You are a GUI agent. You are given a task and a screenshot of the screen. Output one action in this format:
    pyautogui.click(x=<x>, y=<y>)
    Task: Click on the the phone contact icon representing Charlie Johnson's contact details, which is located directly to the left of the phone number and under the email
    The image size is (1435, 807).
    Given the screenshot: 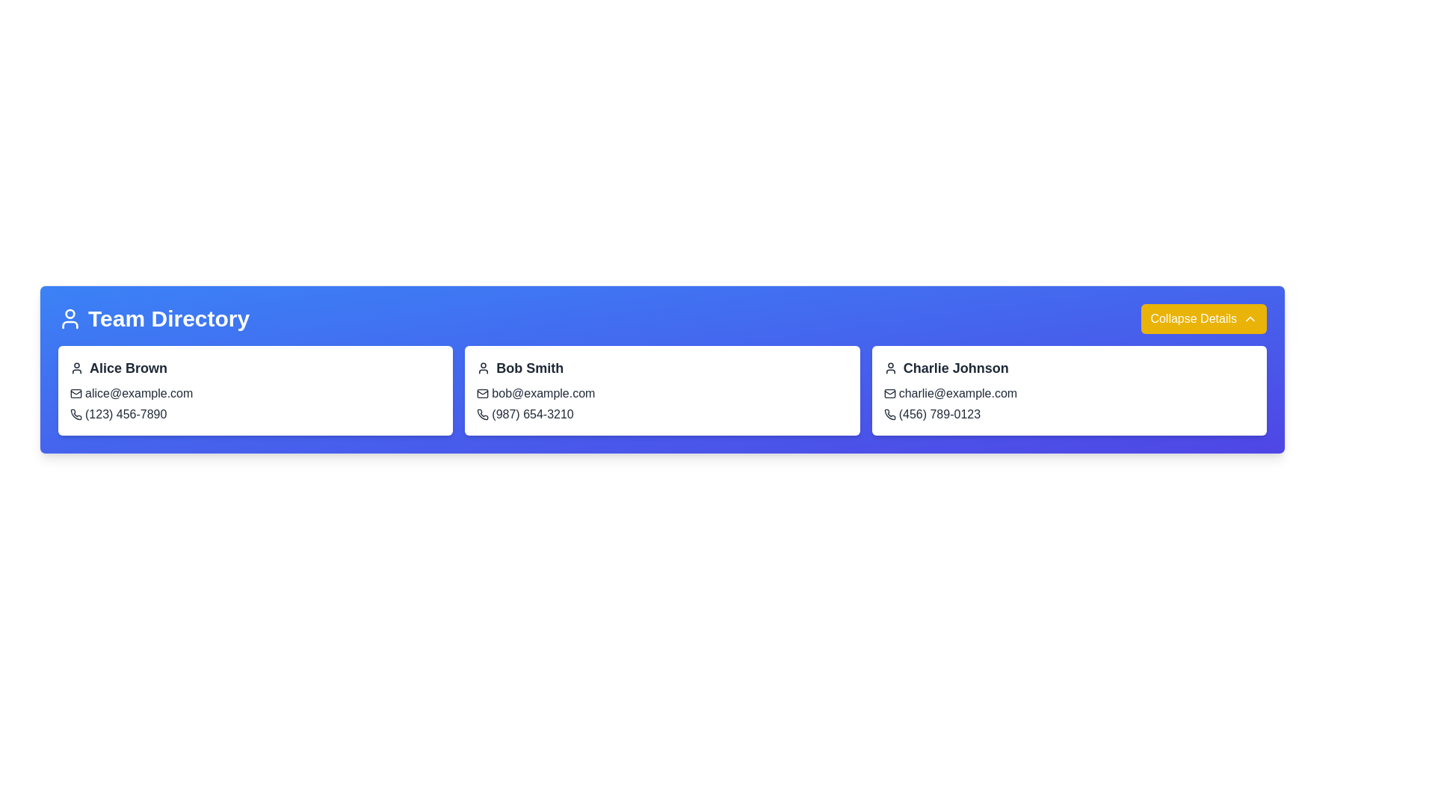 What is the action you would take?
    pyautogui.click(x=889, y=415)
    